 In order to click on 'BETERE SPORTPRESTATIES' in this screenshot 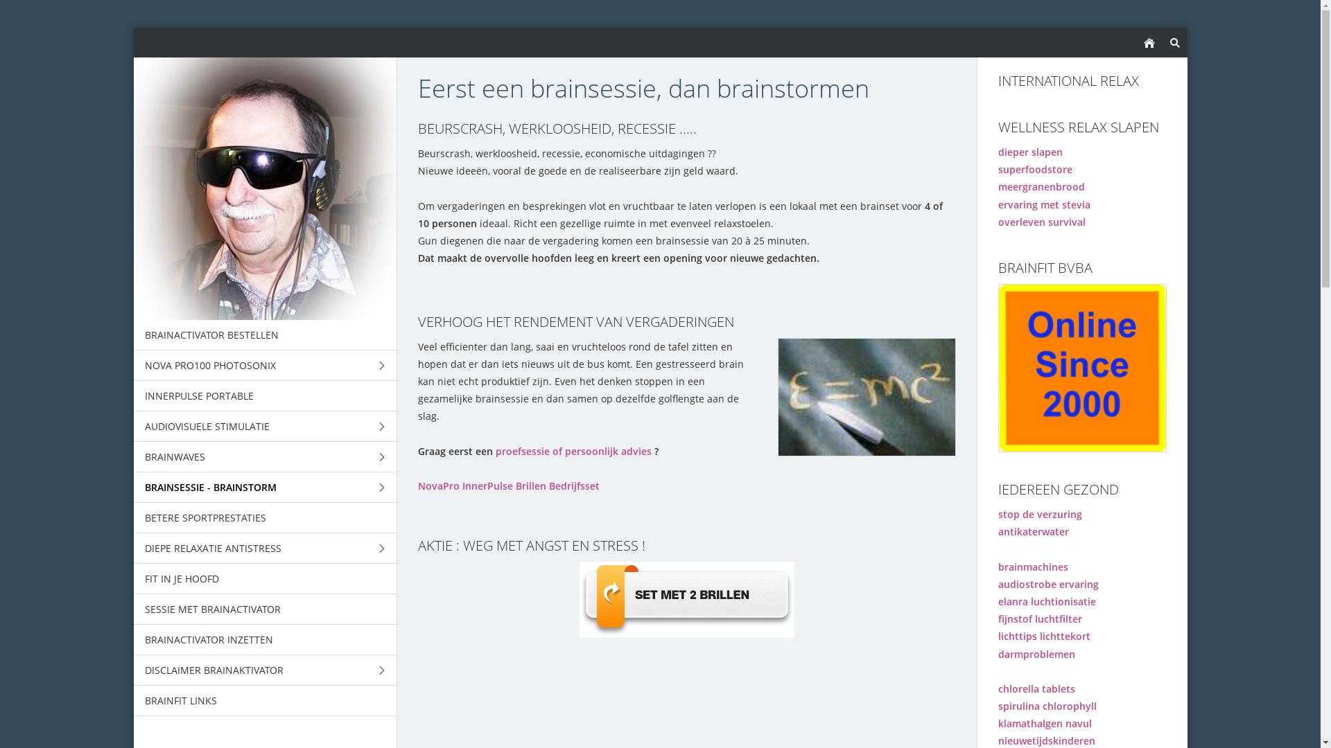, I will do `click(264, 518)`.